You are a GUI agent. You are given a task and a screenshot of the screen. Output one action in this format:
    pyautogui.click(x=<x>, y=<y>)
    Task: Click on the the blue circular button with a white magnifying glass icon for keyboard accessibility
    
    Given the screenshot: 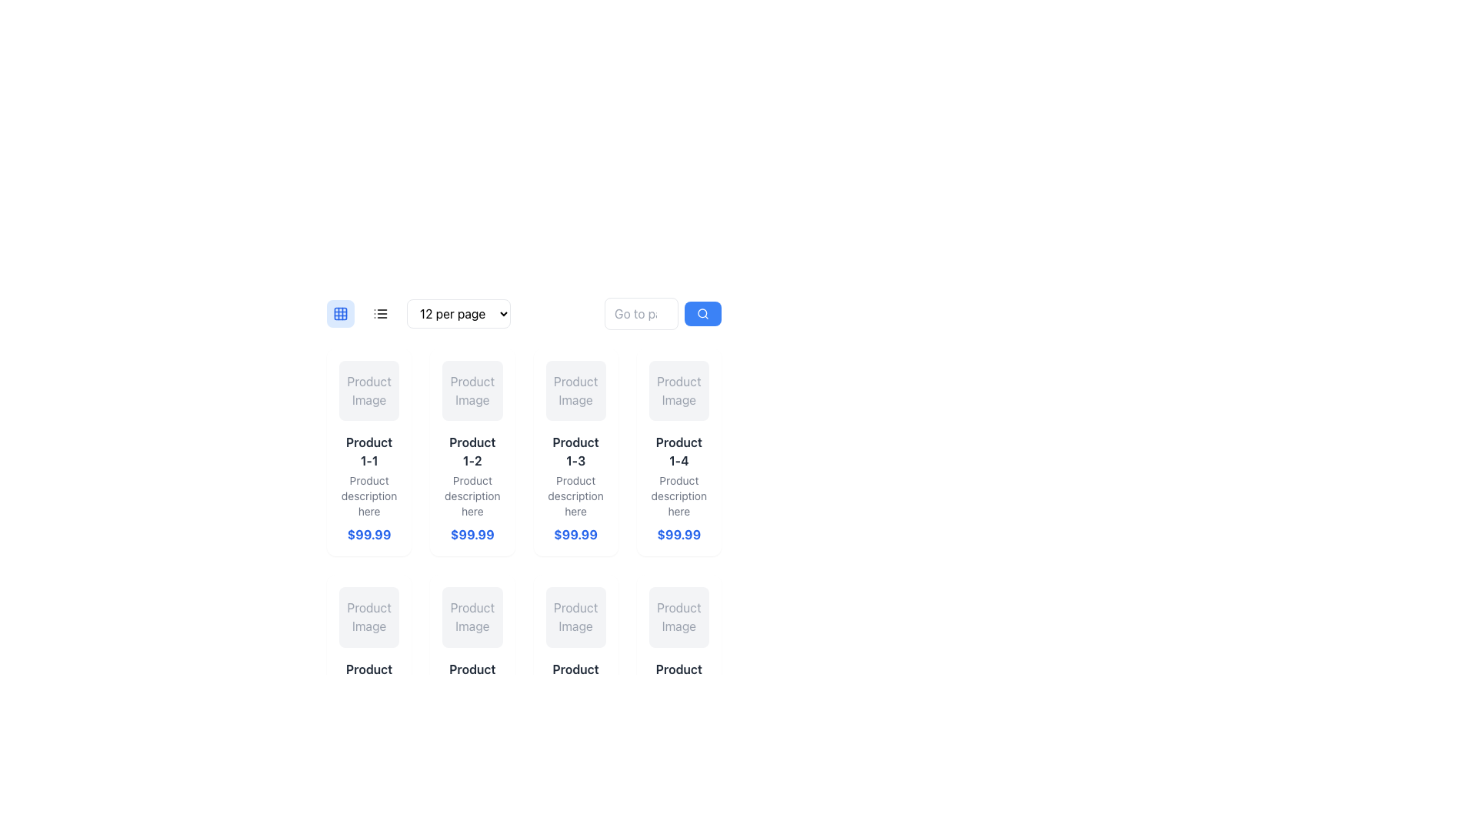 What is the action you would take?
    pyautogui.click(x=702, y=313)
    